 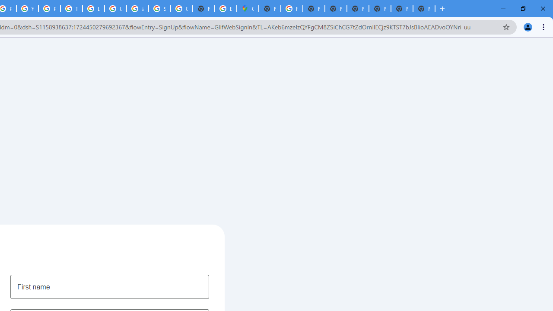 What do you see at coordinates (506, 26) in the screenshot?
I see `'Bookmark this tab'` at bounding box center [506, 26].